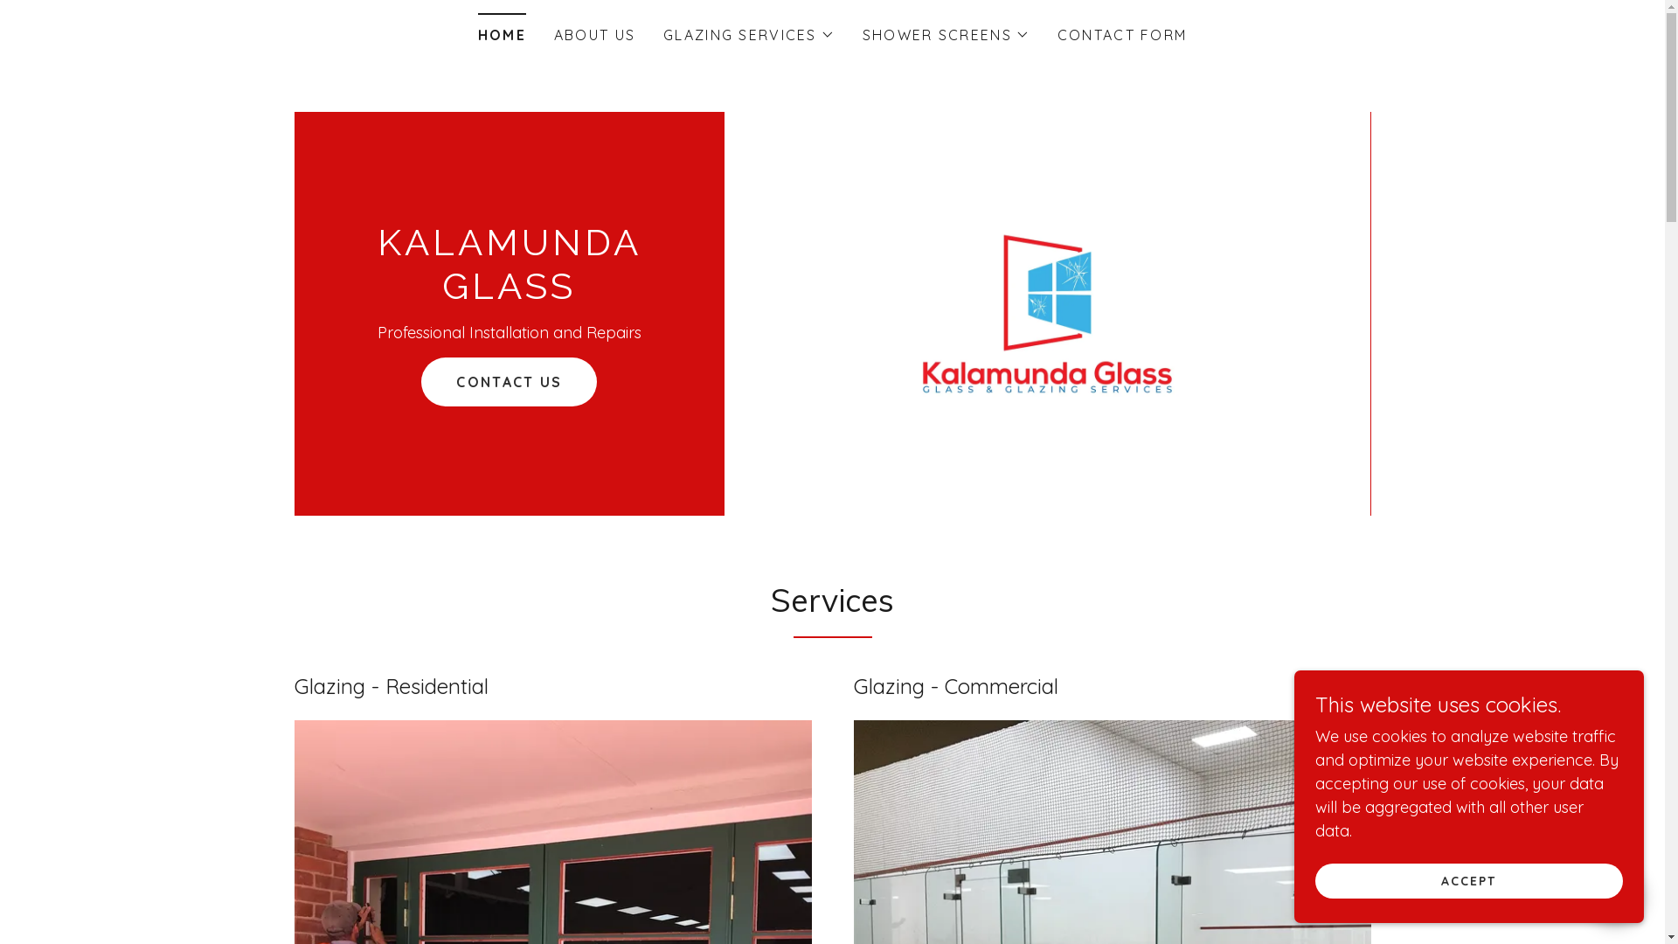 The width and height of the screenshot is (1678, 944). I want to click on 'SHOWER SCREENS', so click(945, 34).